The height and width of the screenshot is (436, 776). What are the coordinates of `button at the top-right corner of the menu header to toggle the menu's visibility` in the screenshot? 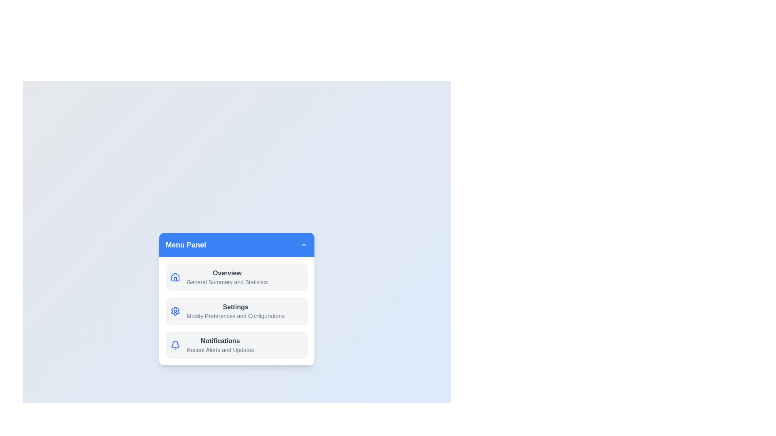 It's located at (304, 244).